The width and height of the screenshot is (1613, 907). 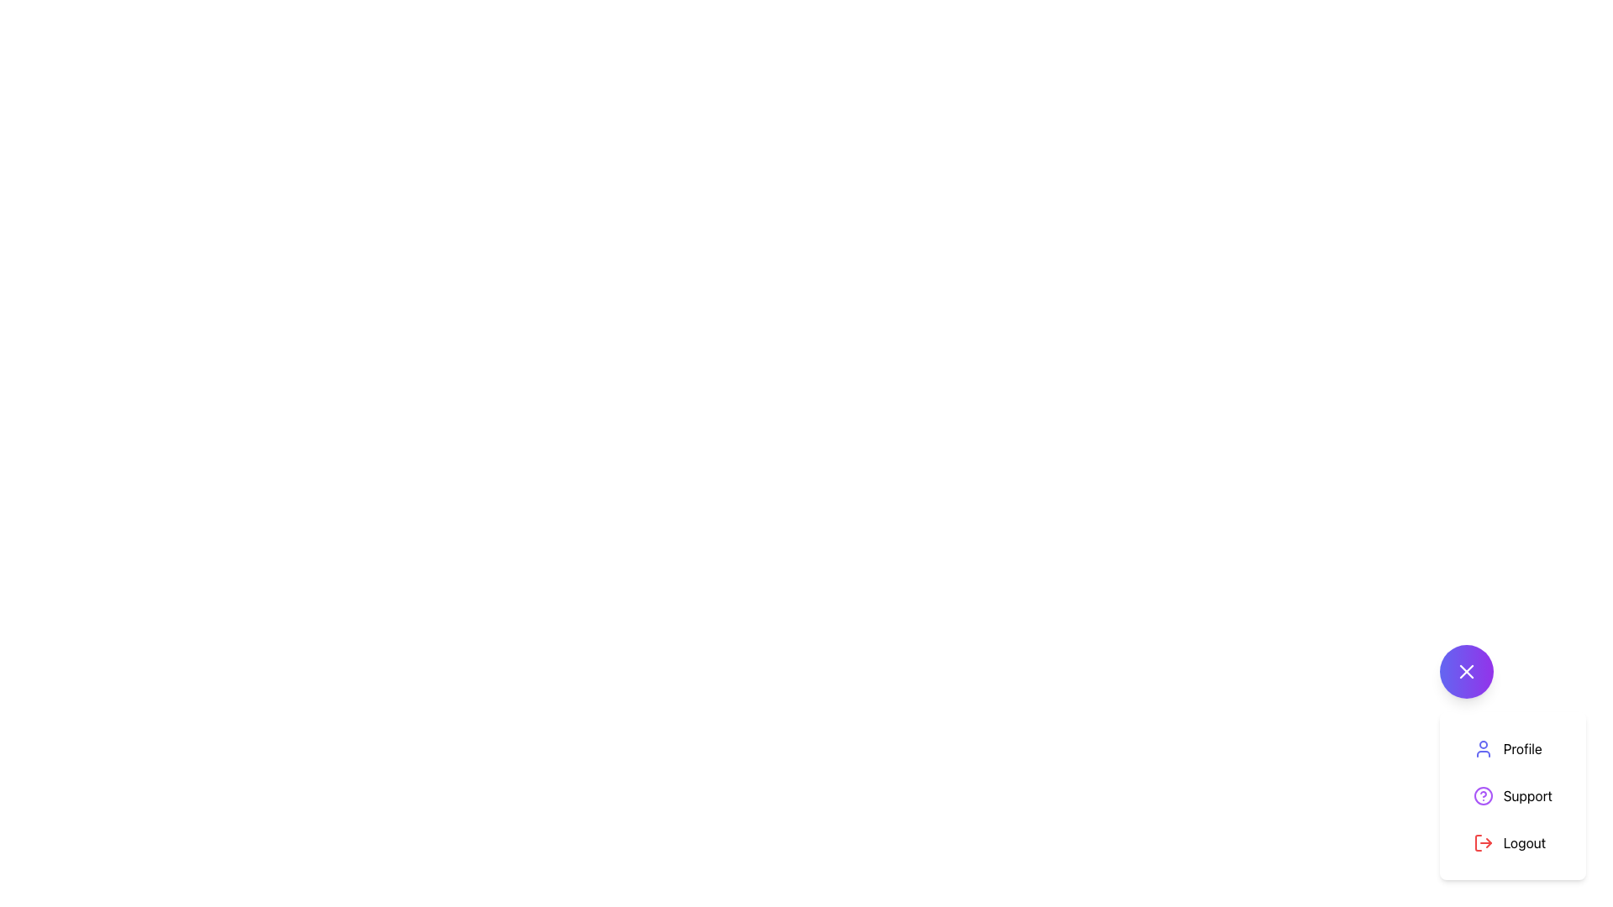 What do you see at coordinates (1524, 842) in the screenshot?
I see `the 'Logout' text label located at the bottom of the vertical menu list on the right side of the interface` at bounding box center [1524, 842].